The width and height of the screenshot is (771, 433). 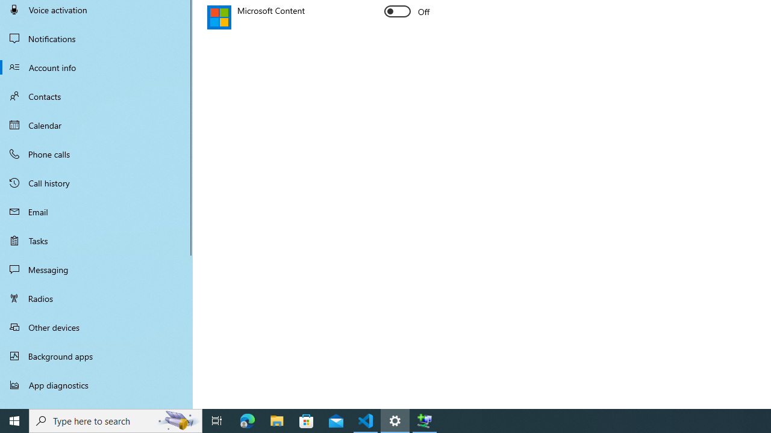 I want to click on 'Type here to search', so click(x=116, y=420).